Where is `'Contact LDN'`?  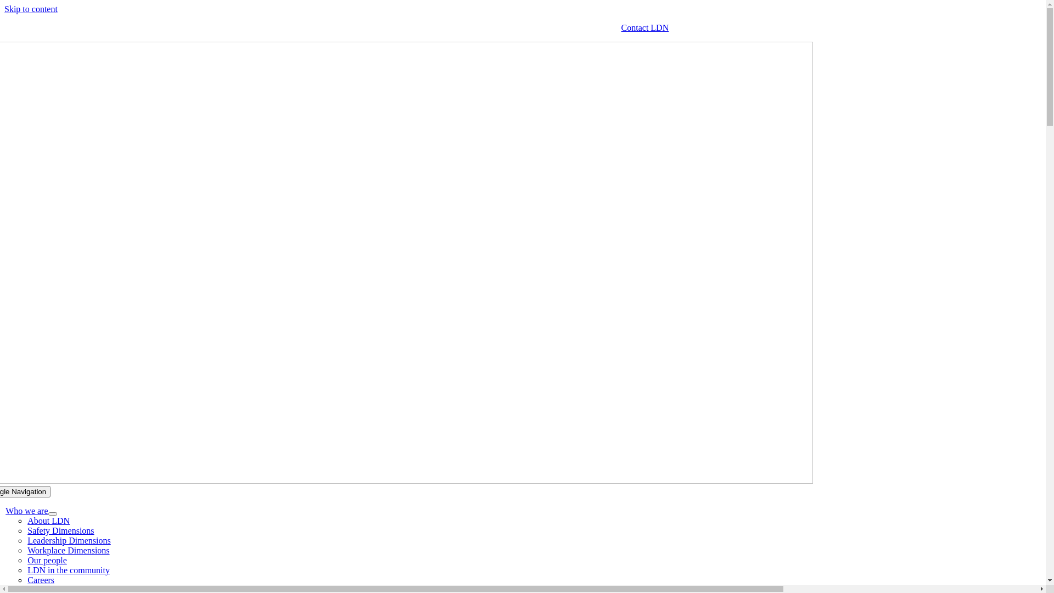
'Contact LDN' is located at coordinates (645, 27).